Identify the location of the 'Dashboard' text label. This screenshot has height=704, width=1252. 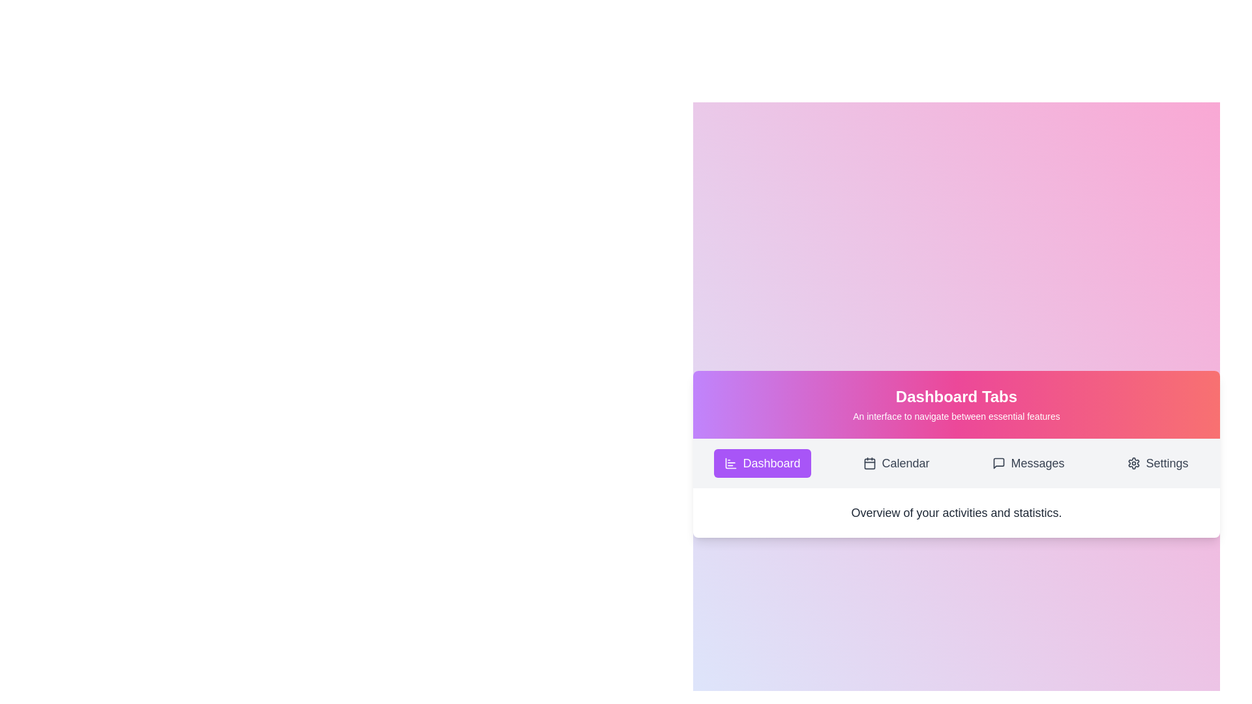
(771, 462).